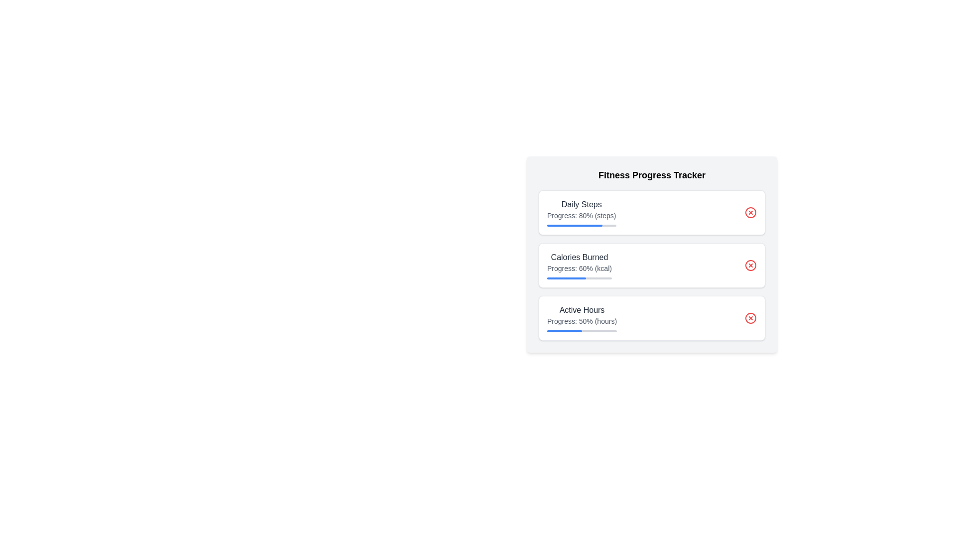 This screenshot has width=956, height=538. I want to click on the Text display that shows the progress of a step goal, located below the 'Daily Steps' headline and above the progress bar, so click(582, 215).